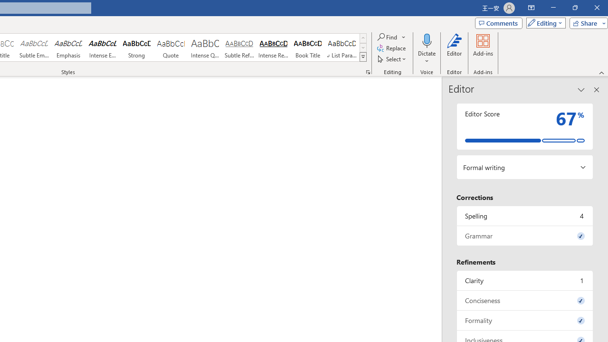 This screenshot has width=608, height=342. What do you see at coordinates (427, 40) in the screenshot?
I see `'Dictate'` at bounding box center [427, 40].